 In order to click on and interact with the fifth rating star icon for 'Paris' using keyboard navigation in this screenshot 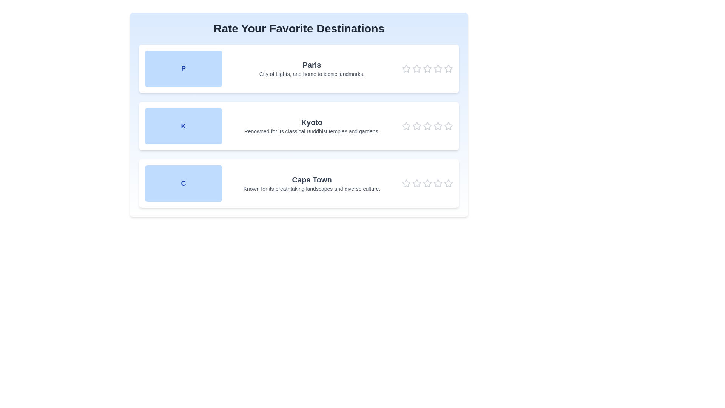, I will do `click(449, 68)`.